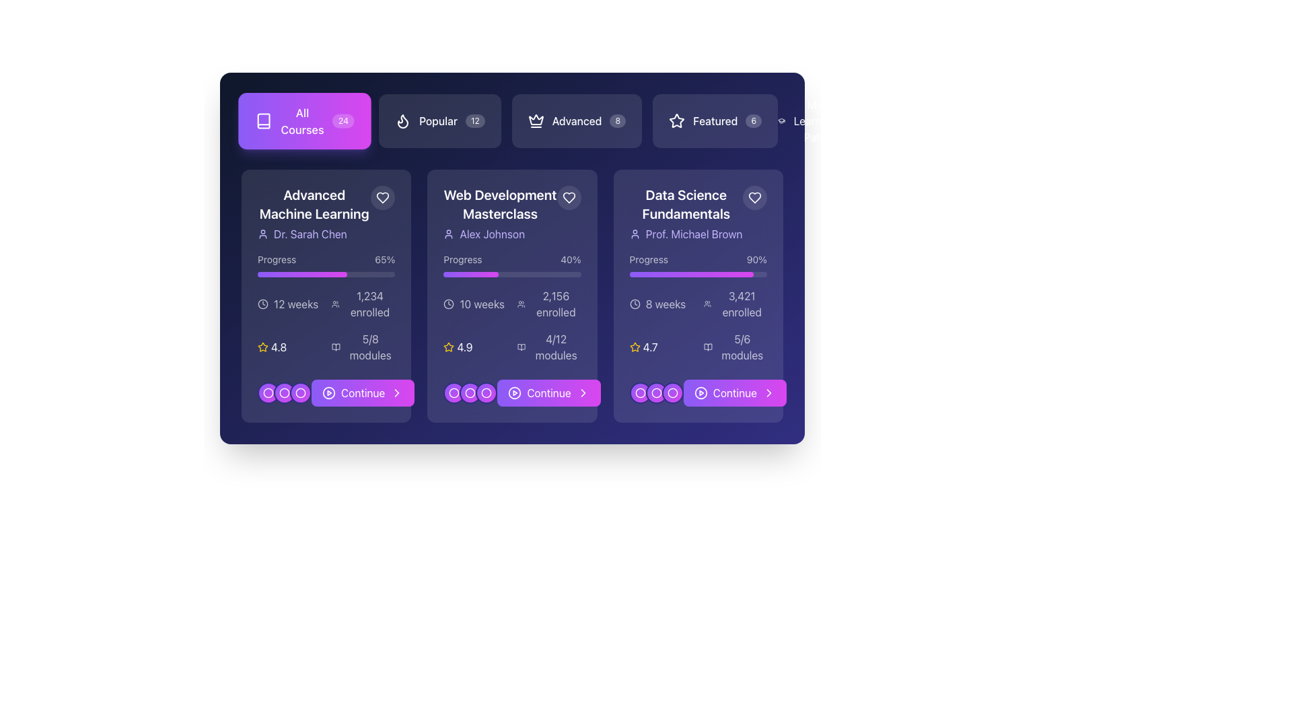 The height and width of the screenshot is (727, 1292). Describe the element at coordinates (396, 392) in the screenshot. I see `the rightward-pointing chevron arrow icon embedded inside the 'Continue' button of the 'Web Development Masterclass' panel` at that location.